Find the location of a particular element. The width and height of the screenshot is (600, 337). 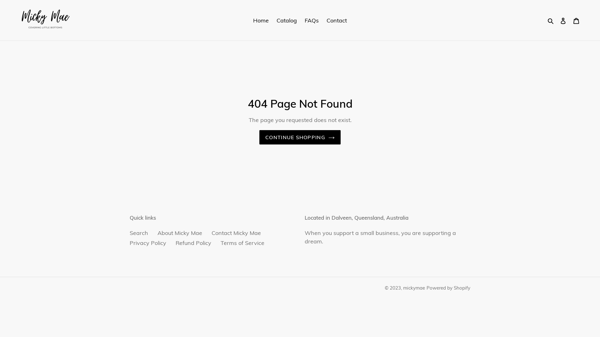

'Contact Micky Mae' is located at coordinates (236, 233).